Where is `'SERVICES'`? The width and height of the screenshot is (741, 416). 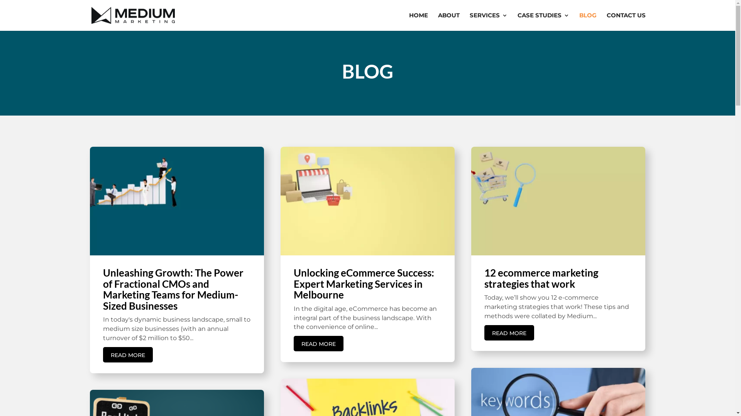 'SERVICES' is located at coordinates (488, 21).